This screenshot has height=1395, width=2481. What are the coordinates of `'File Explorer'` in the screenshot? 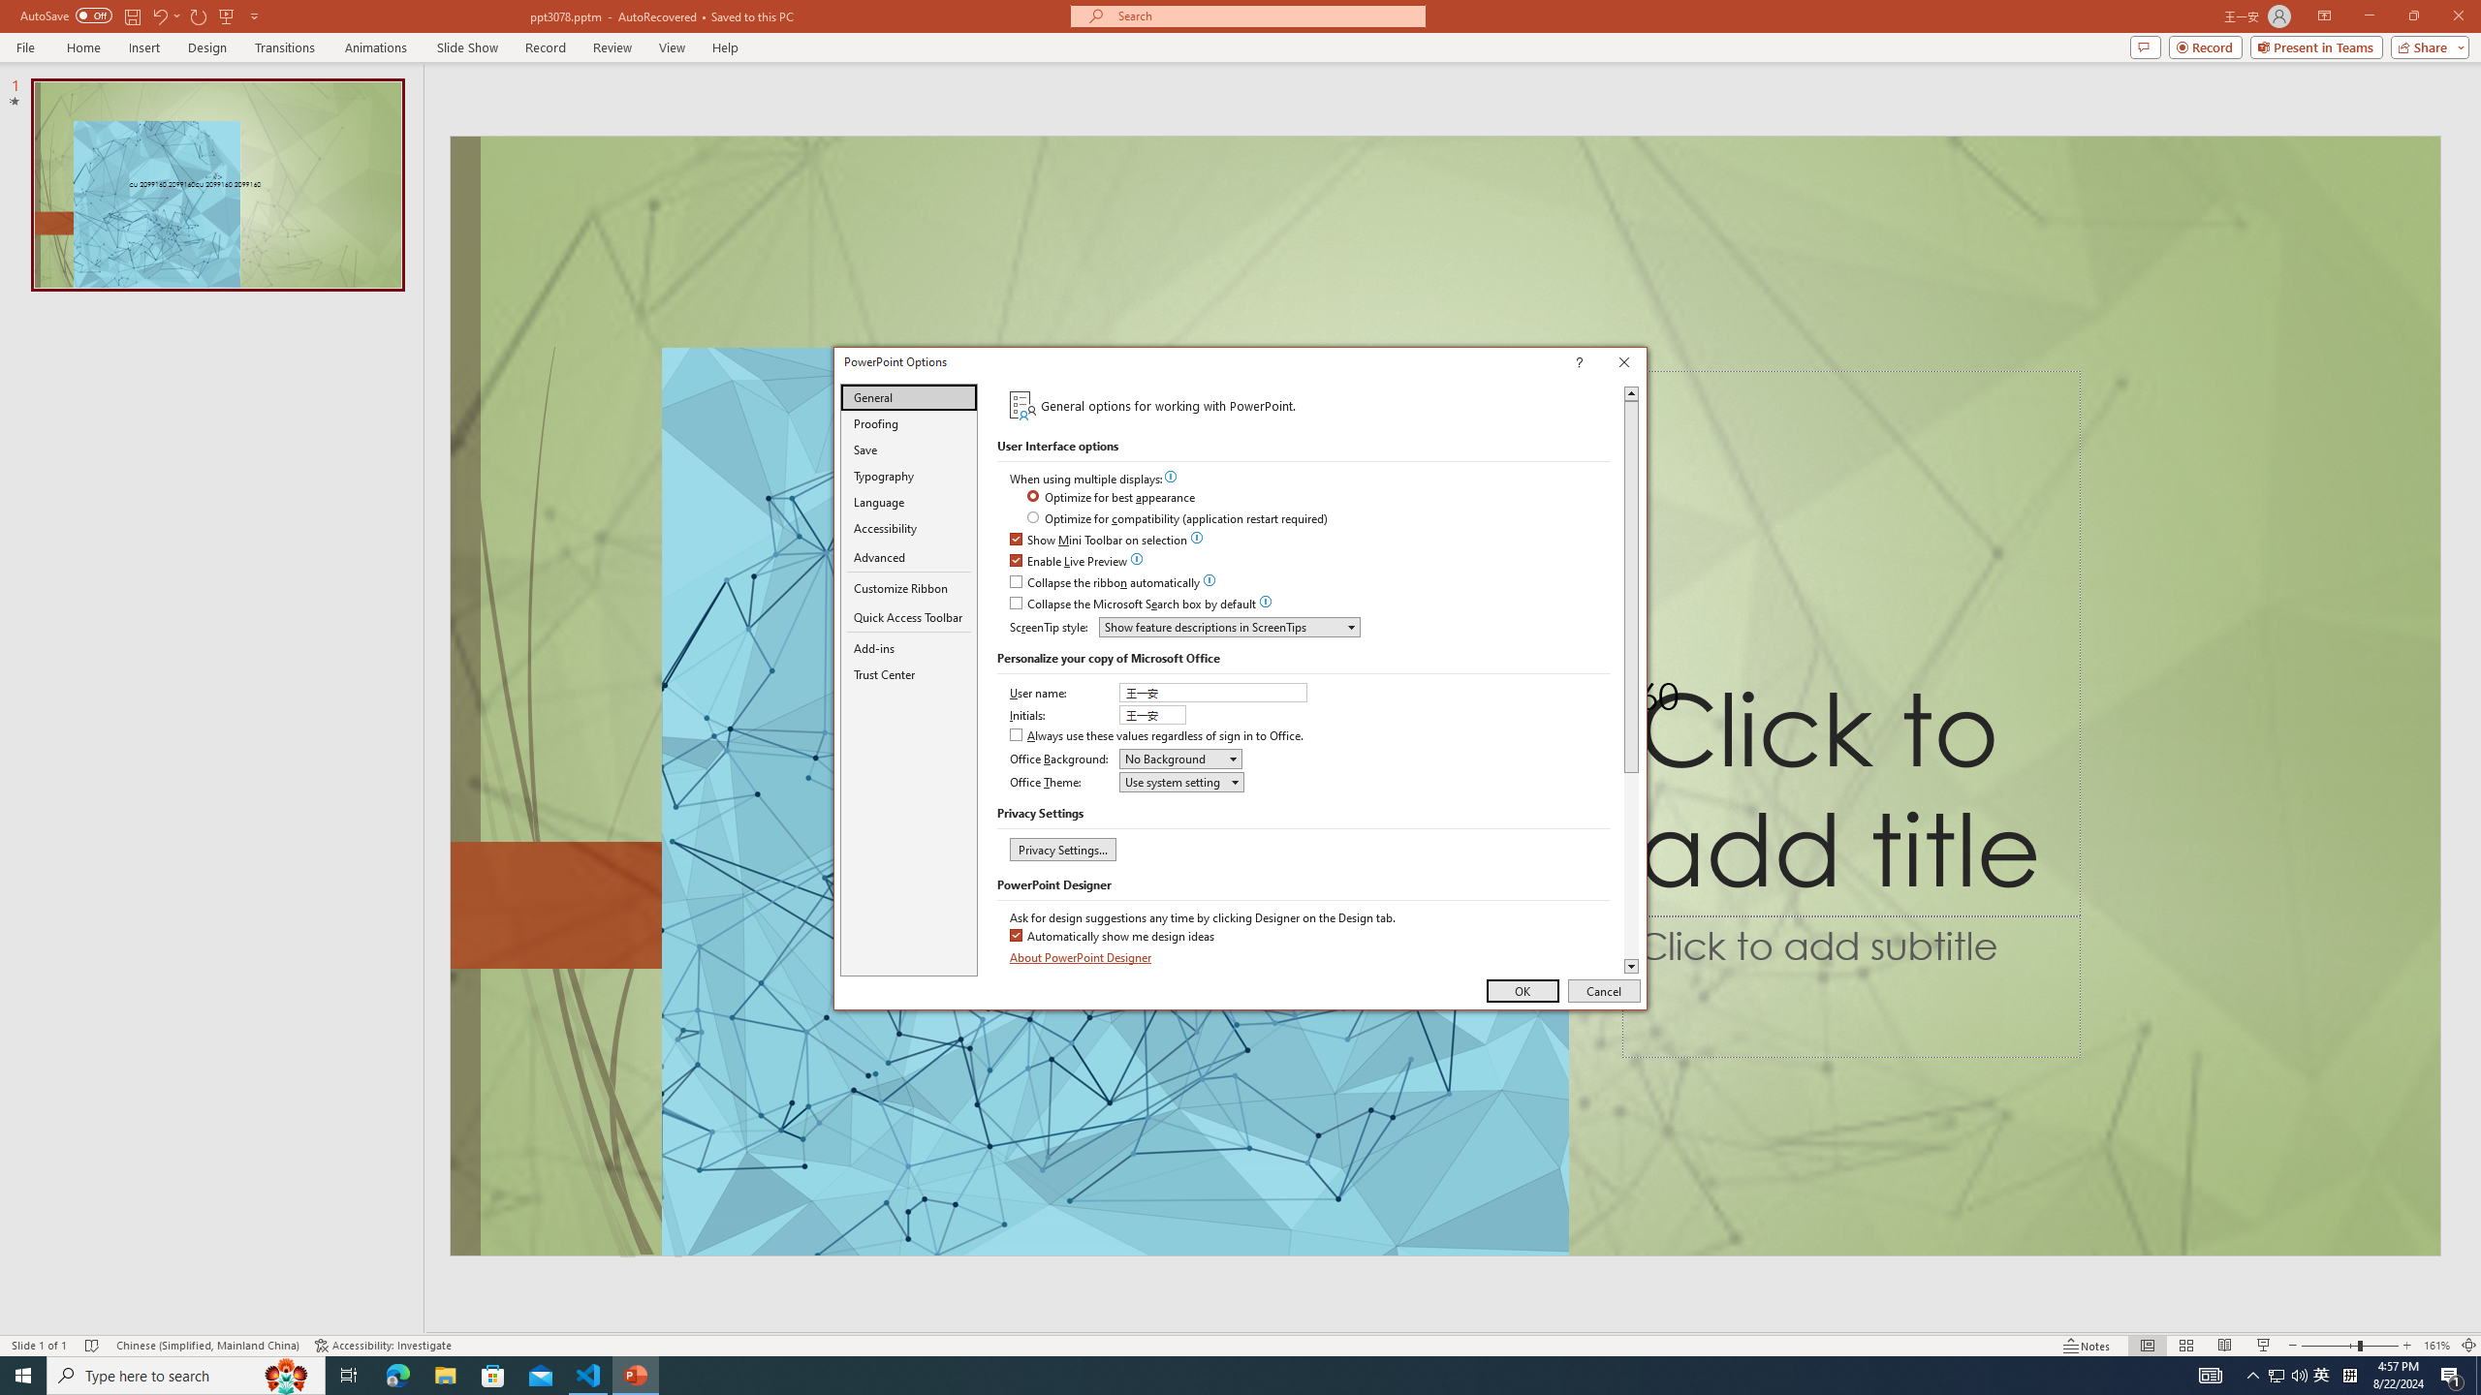 It's located at (444, 1374).